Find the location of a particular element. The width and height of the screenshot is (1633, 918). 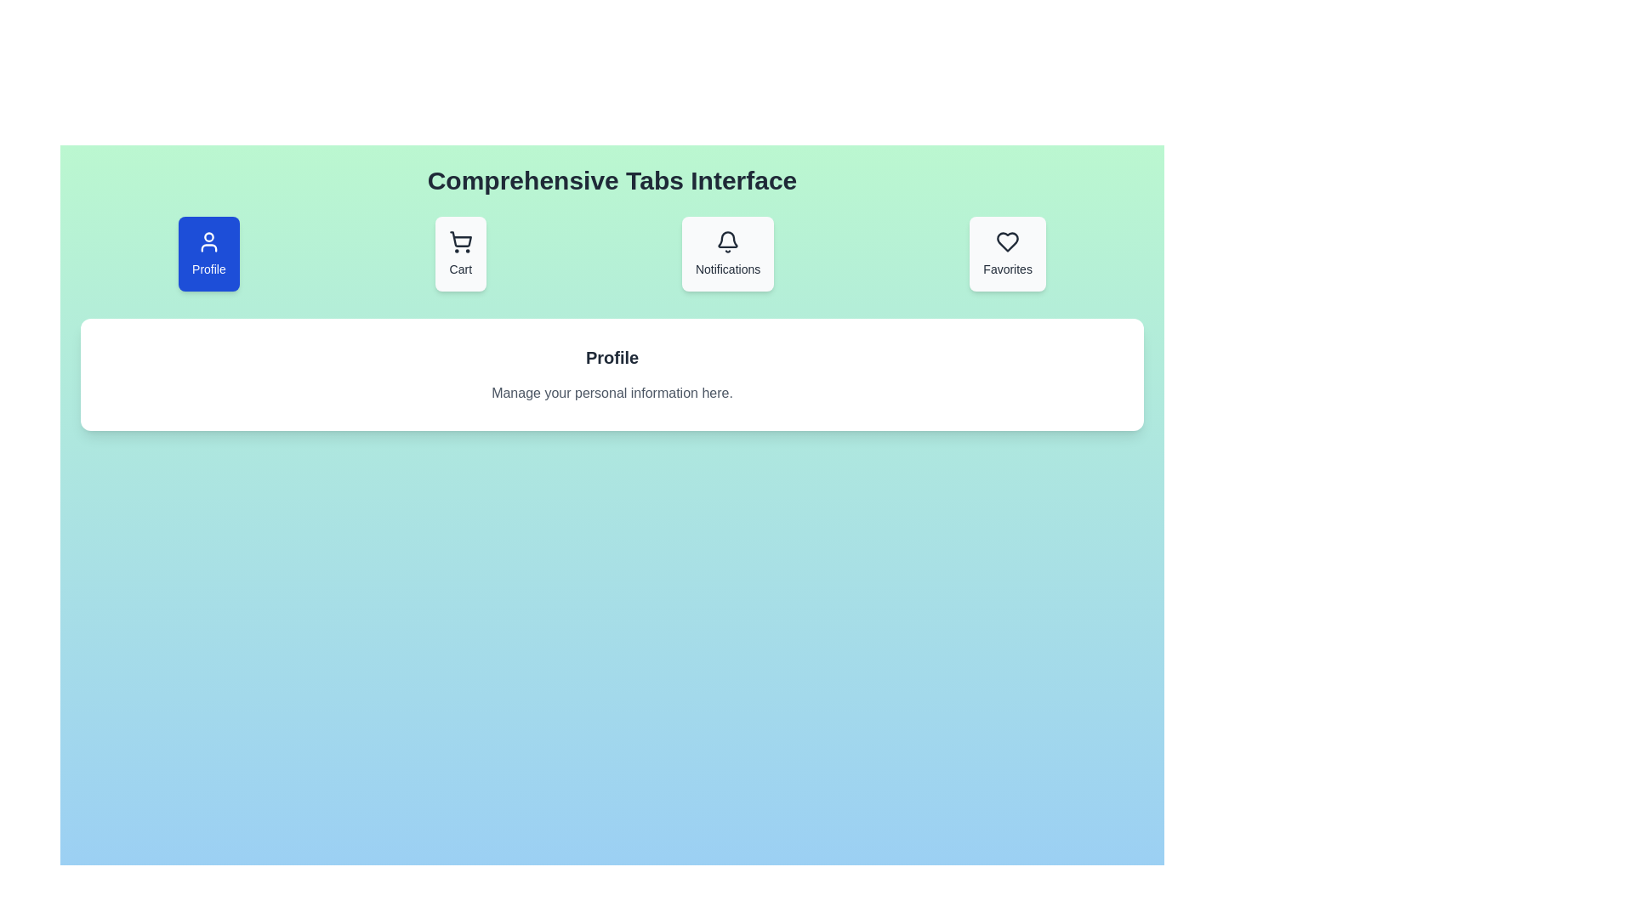

the text label reading 'Cart', which is styled in a small black font and is positioned below a shopping cart icon within a rounded rectangular button is located at coordinates (460, 268).